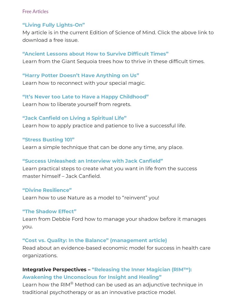 This screenshot has width=238, height=301. What do you see at coordinates (22, 139) in the screenshot?
I see `'“Stress Busting 101”'` at bounding box center [22, 139].